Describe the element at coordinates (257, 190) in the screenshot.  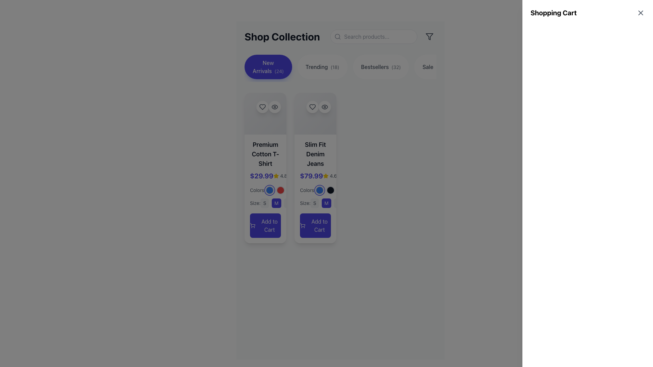
I see `the text label displaying 'Colors:' in light gray font, located on the left card of the product interface, positioned to the left of the circular color indicators` at that location.